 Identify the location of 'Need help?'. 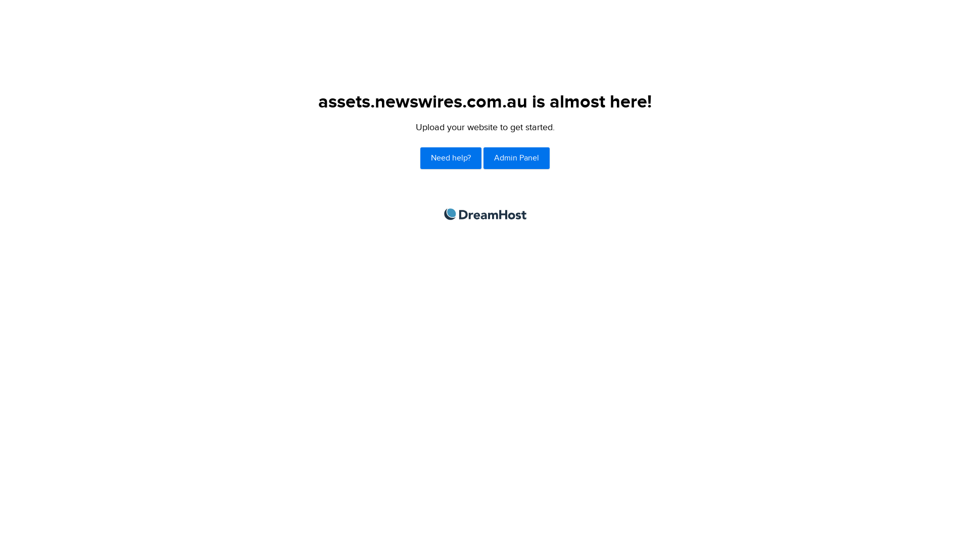
(420, 158).